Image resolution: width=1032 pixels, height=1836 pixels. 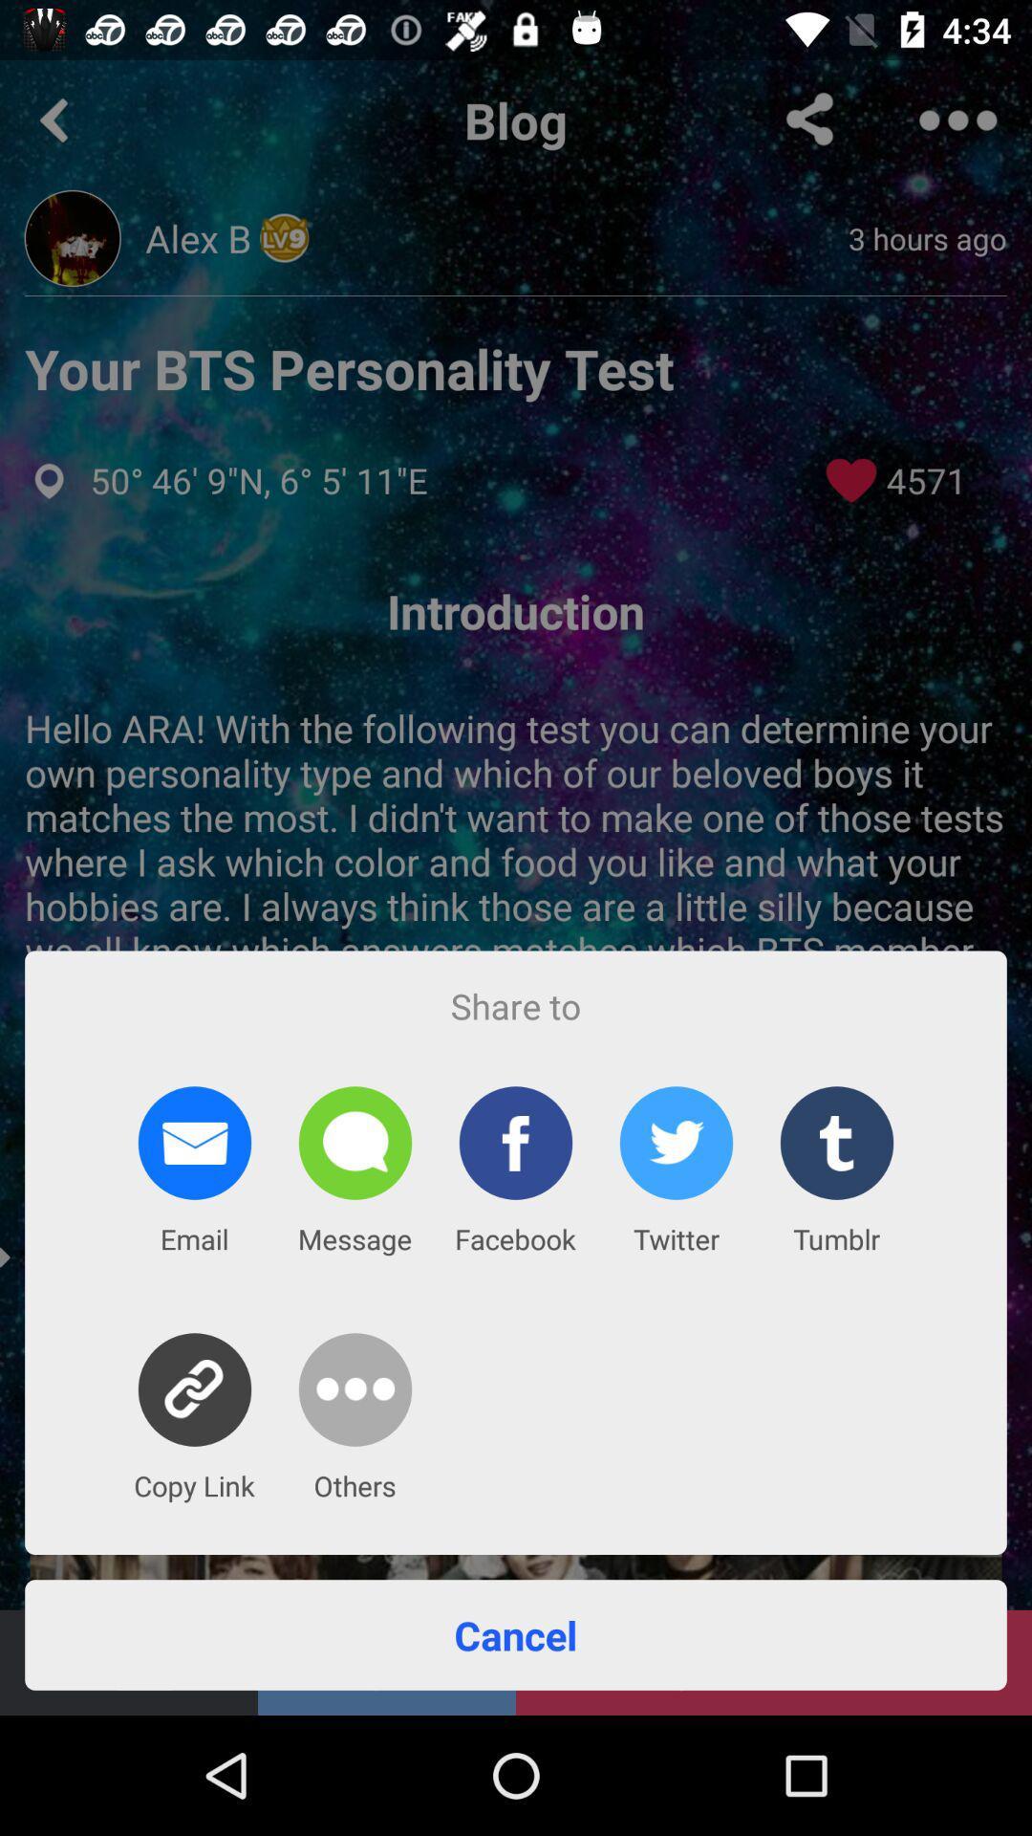 I want to click on email icon on the page, so click(x=195, y=1143).